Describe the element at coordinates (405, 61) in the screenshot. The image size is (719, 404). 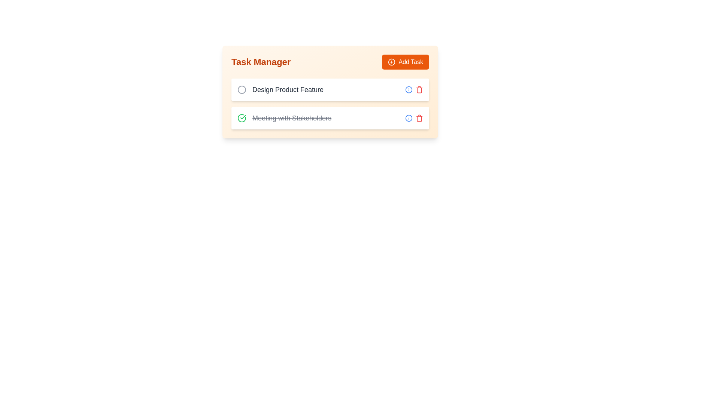
I see `the bright orange 'Add Task' button with white text and a '+' icon` at that location.